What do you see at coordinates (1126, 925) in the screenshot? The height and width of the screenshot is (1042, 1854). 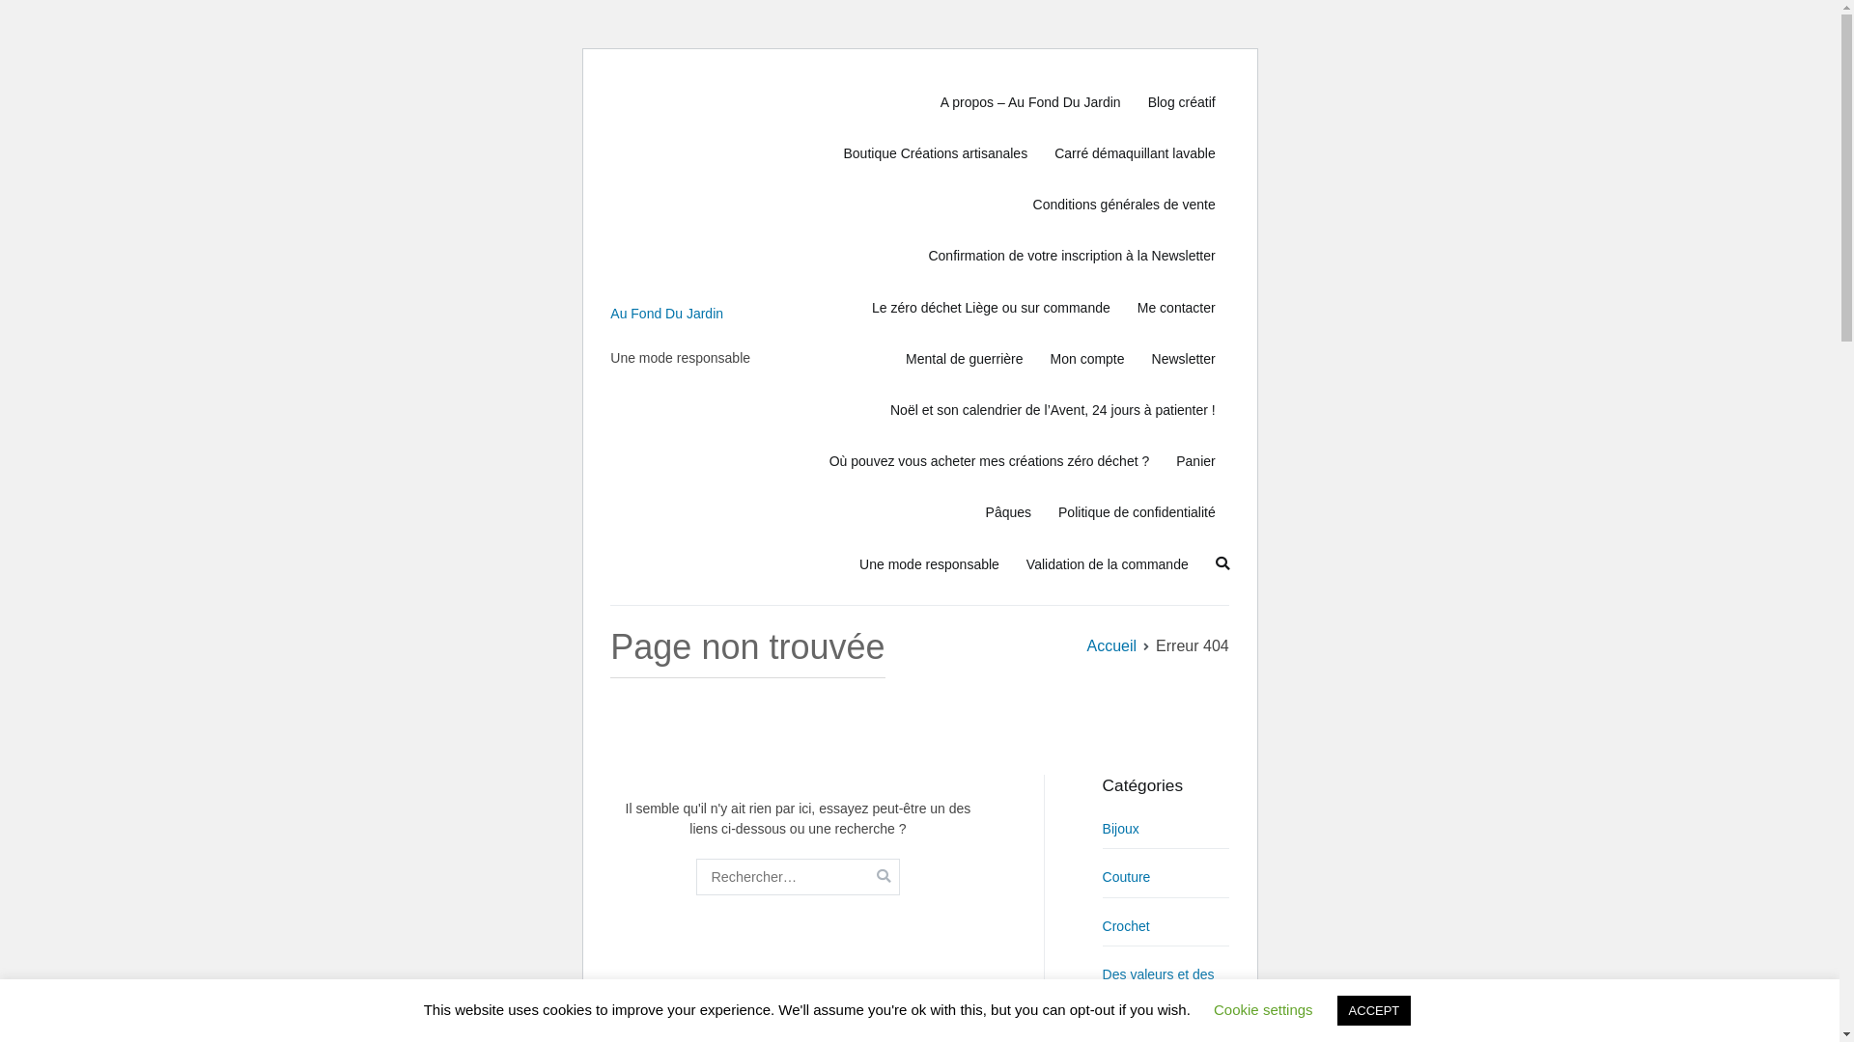 I see `'Crochet'` at bounding box center [1126, 925].